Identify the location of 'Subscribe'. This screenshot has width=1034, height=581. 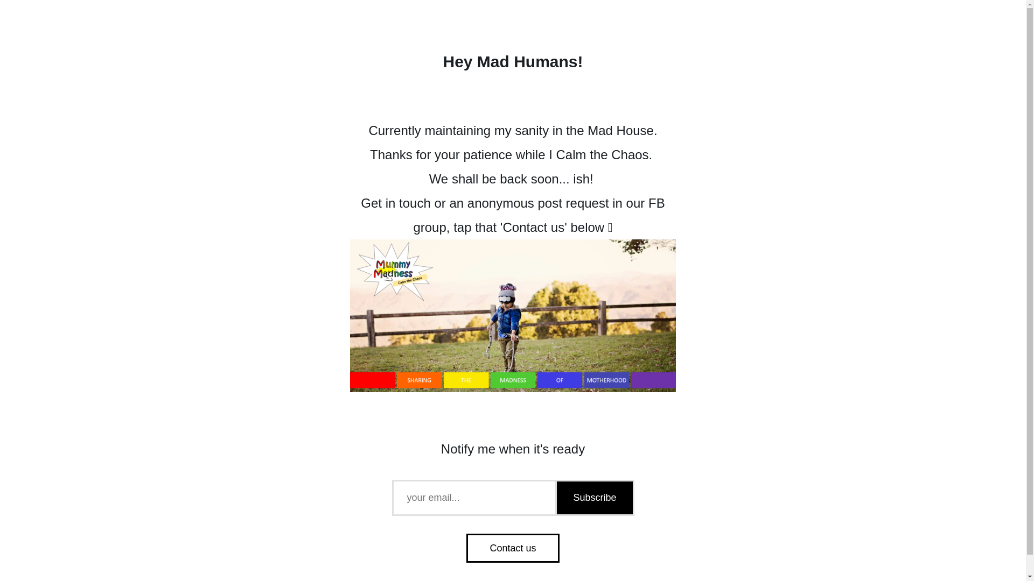
(555, 498).